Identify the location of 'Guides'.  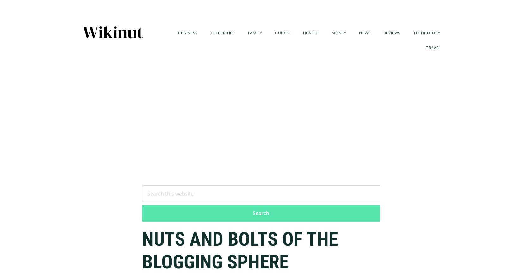
(282, 33).